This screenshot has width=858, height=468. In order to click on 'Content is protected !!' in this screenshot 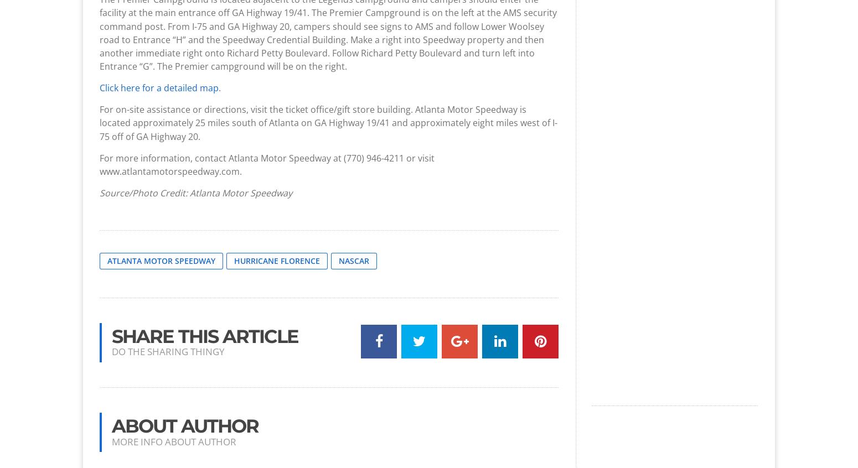, I will do `click(460, 87)`.